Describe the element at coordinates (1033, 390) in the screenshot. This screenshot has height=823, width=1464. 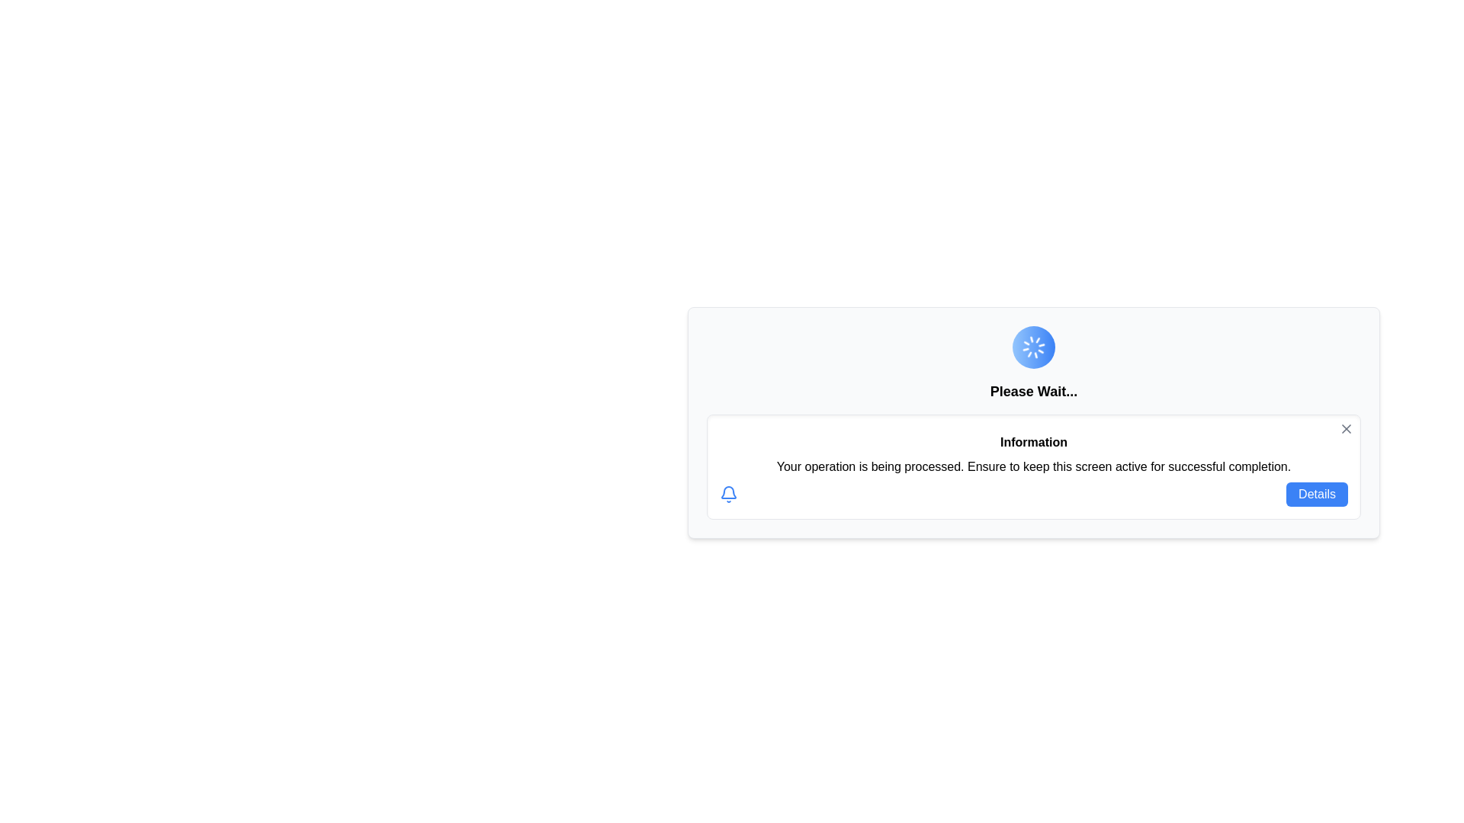
I see `the loading state text label located below the circular loading icon, indicating that an operation is ongoing` at that location.